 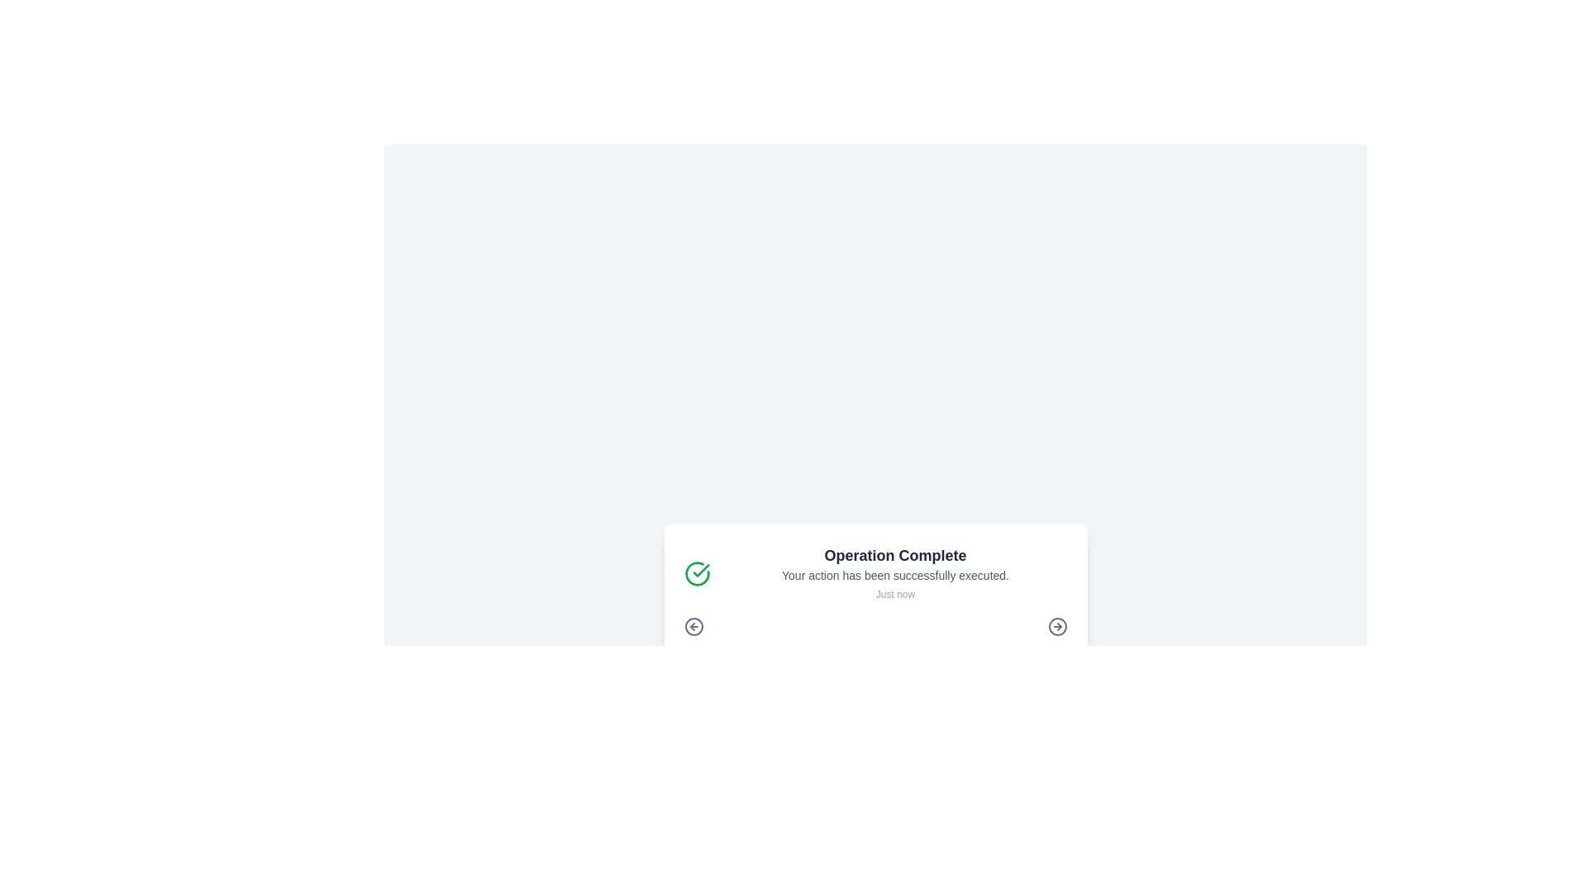 I want to click on the Notification Text Block located at the top center of the notification card, which provides feedback about the successful completion of an action, so click(x=894, y=572).